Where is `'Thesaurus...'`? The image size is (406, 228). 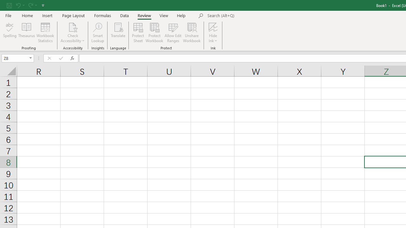
'Thesaurus...' is located at coordinates (26, 33).